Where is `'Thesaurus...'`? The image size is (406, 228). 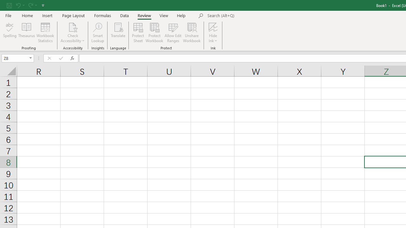
'Thesaurus...' is located at coordinates (26, 33).